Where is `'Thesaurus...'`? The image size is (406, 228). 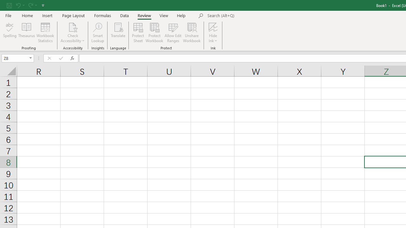
'Thesaurus...' is located at coordinates (26, 33).